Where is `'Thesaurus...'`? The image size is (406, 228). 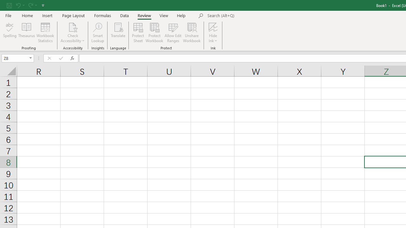
'Thesaurus...' is located at coordinates (26, 33).